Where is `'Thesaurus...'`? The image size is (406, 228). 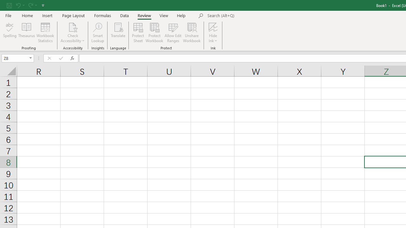
'Thesaurus...' is located at coordinates (26, 33).